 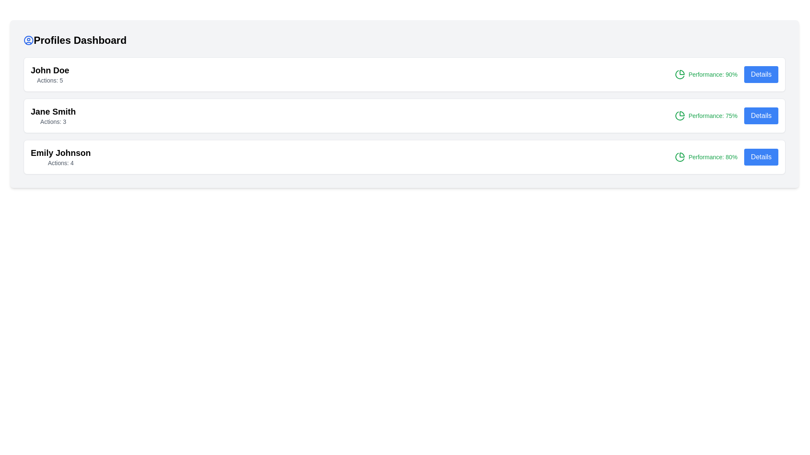 I want to click on the button located at the far right of the performance summary row, so click(x=761, y=157).